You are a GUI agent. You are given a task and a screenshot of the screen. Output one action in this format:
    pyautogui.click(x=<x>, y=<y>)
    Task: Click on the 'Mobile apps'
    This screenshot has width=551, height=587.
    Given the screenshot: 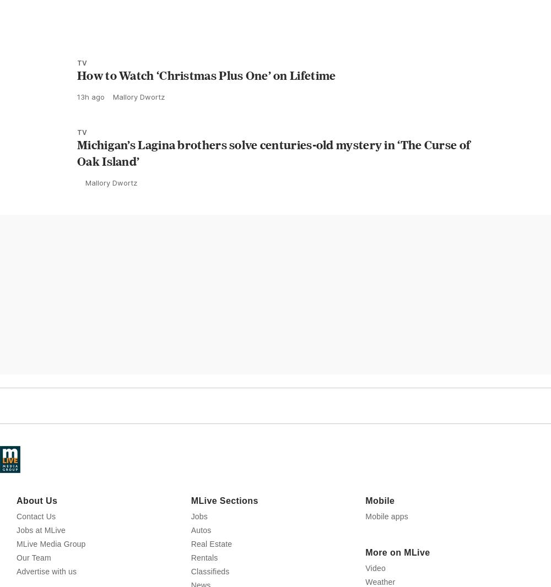 What is the action you would take?
    pyautogui.click(x=386, y=565)
    